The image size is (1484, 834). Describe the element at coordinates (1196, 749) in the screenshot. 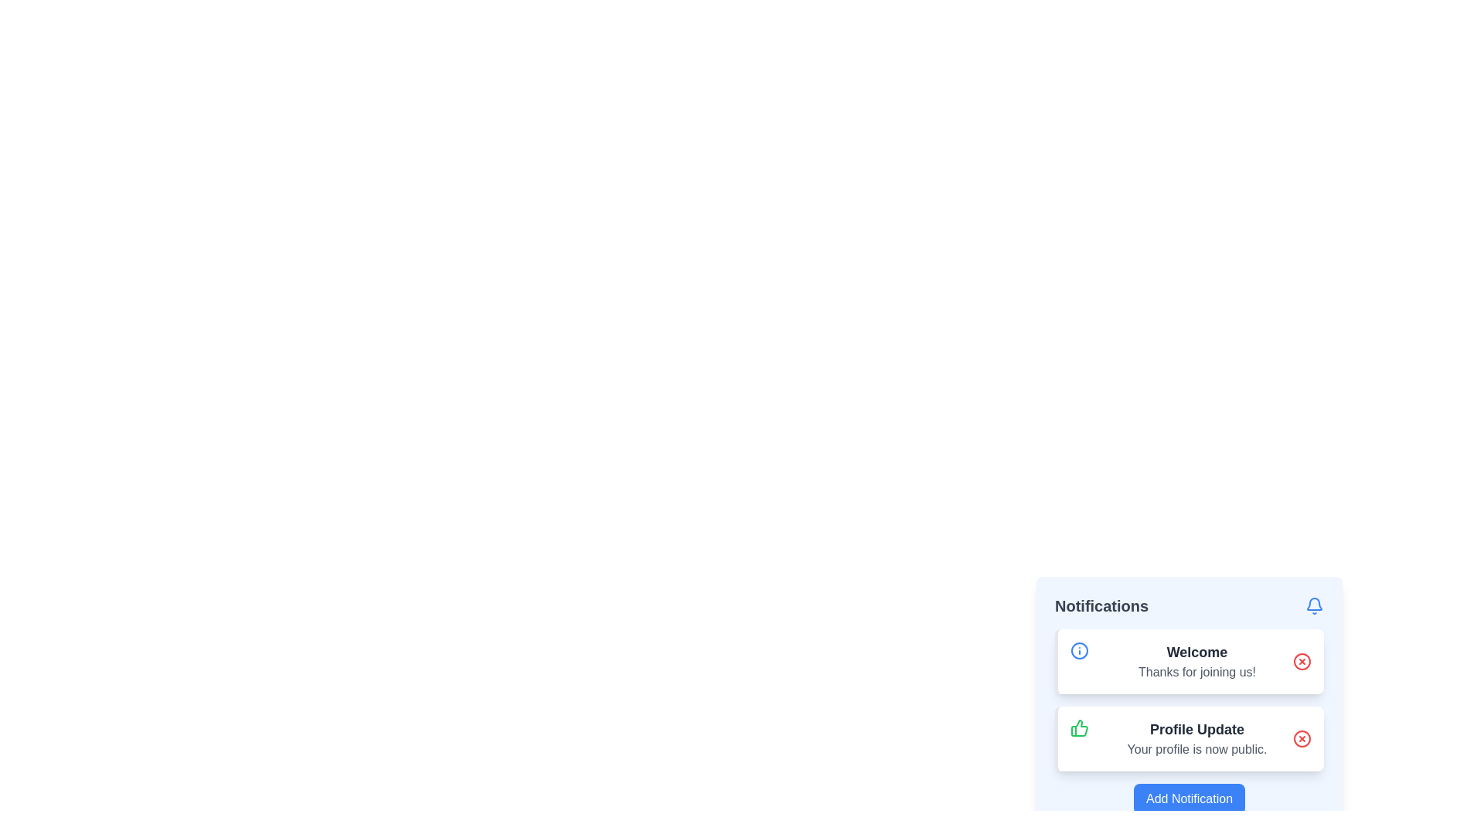

I see `text displayed in the element that states 'Your profile is now public.' It is styled in gray font and is located below 'Profile Update' in the Notifications panel` at that location.